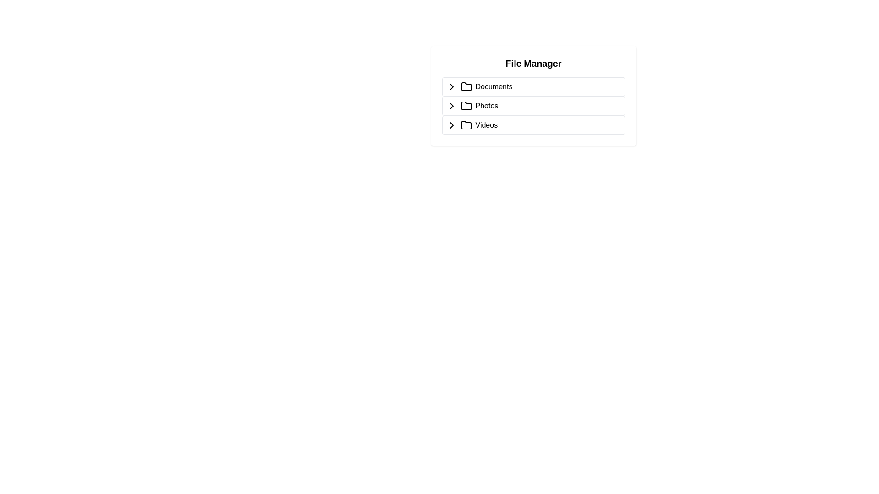 Image resolution: width=879 pixels, height=494 pixels. What do you see at coordinates (466, 105) in the screenshot?
I see `the folder icon located directly to the left of the 'Photos' label in the file manager interface, which is the second icon from the top in the vertical list` at bounding box center [466, 105].